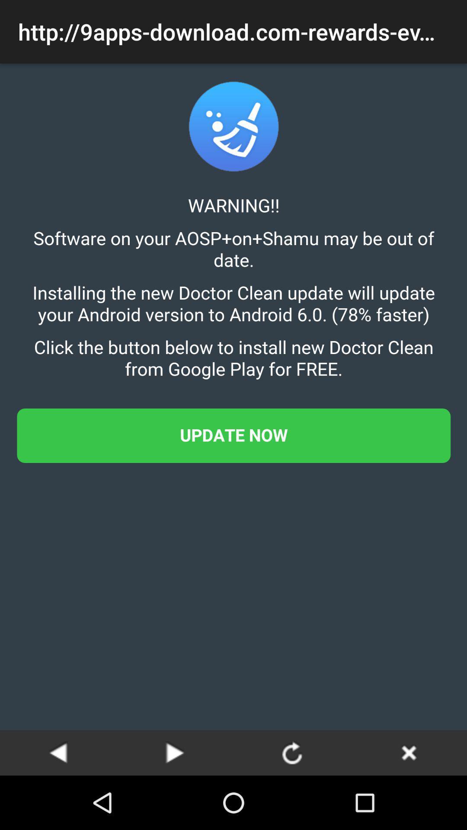  What do you see at coordinates (409, 752) in the screenshot?
I see `page` at bounding box center [409, 752].